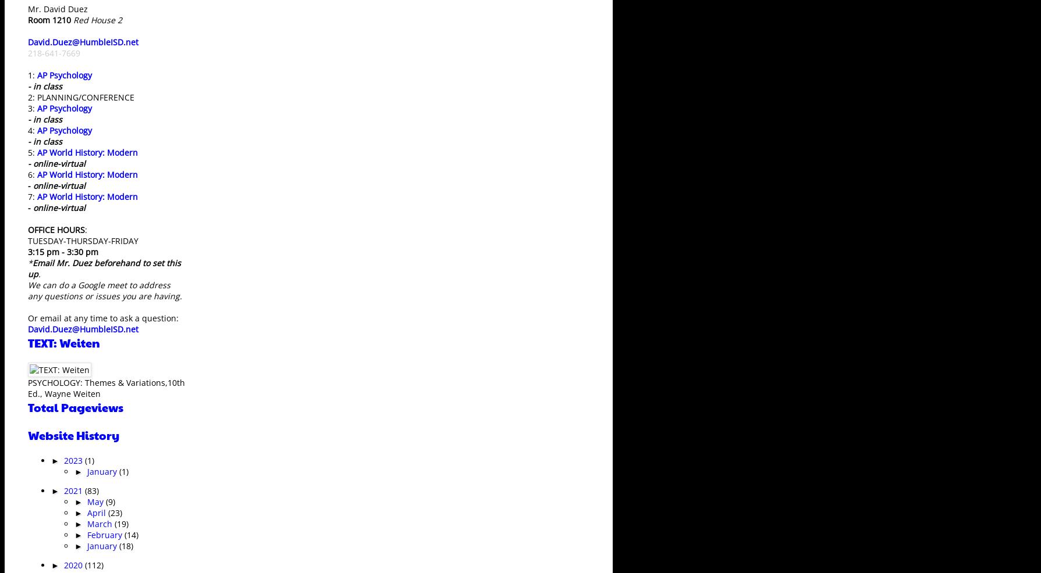 This screenshot has height=573, width=1041. I want to click on '(14)', so click(131, 534).